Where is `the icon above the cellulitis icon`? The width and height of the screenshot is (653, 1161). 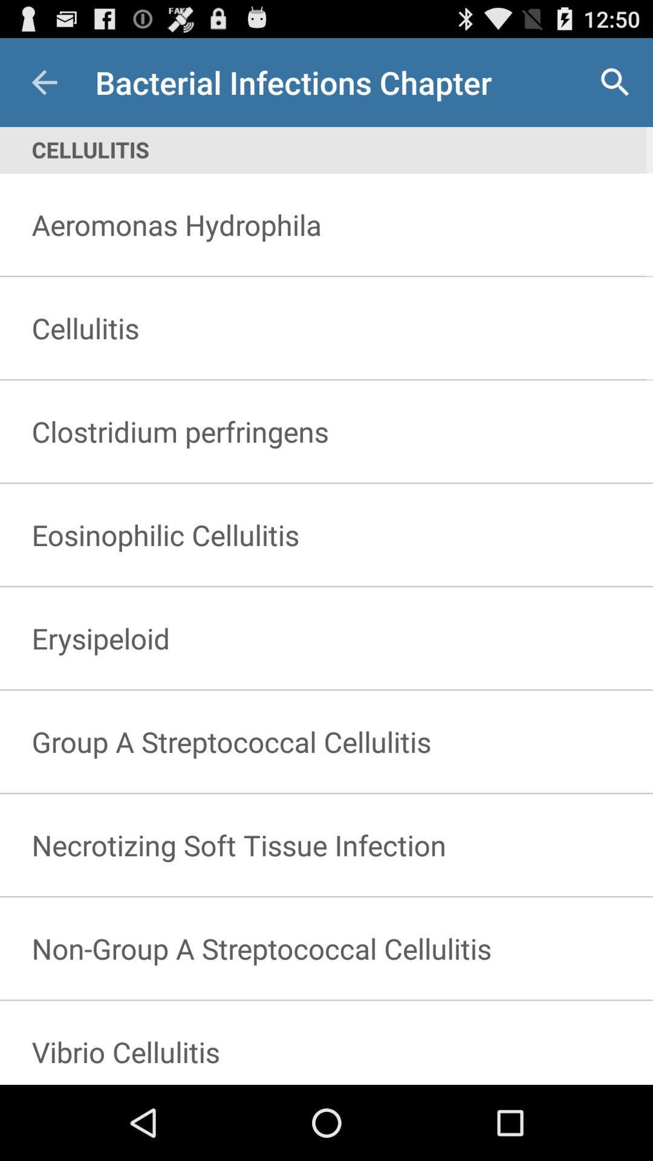 the icon above the cellulitis icon is located at coordinates (615, 82).